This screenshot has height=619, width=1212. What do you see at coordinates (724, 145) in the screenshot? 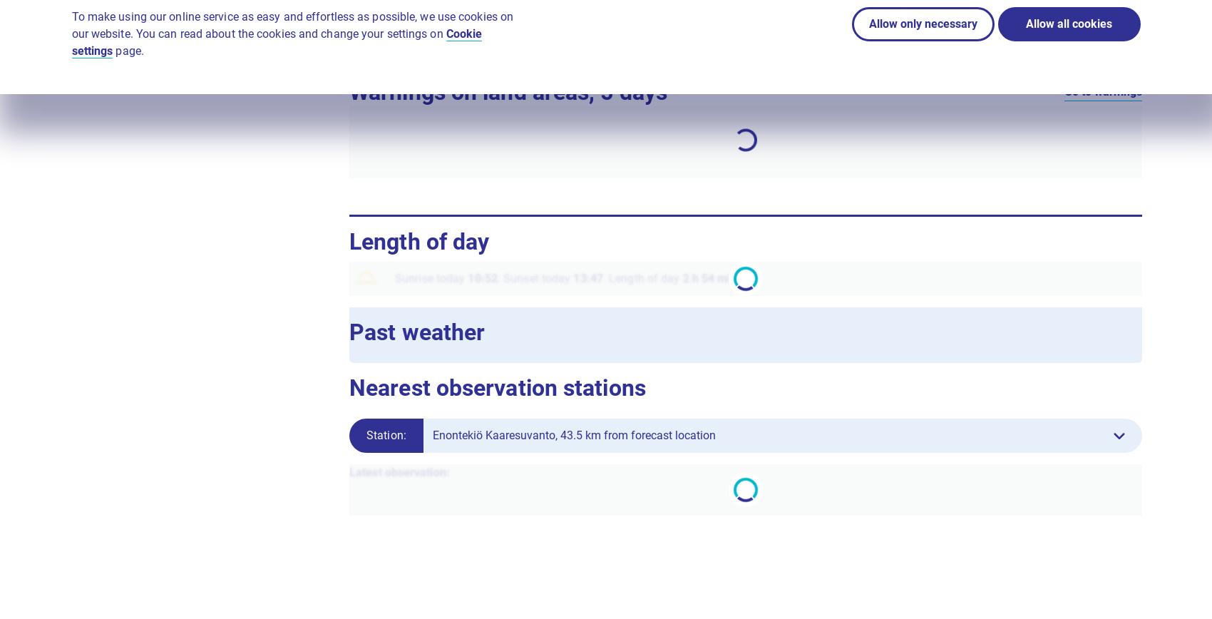
I see `'Mon'` at bounding box center [724, 145].